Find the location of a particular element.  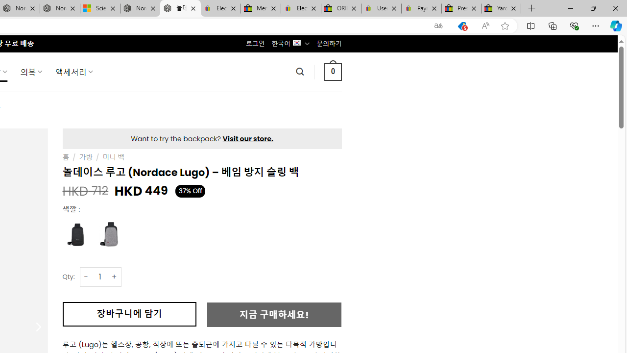

' 0 ' is located at coordinates (333, 71).